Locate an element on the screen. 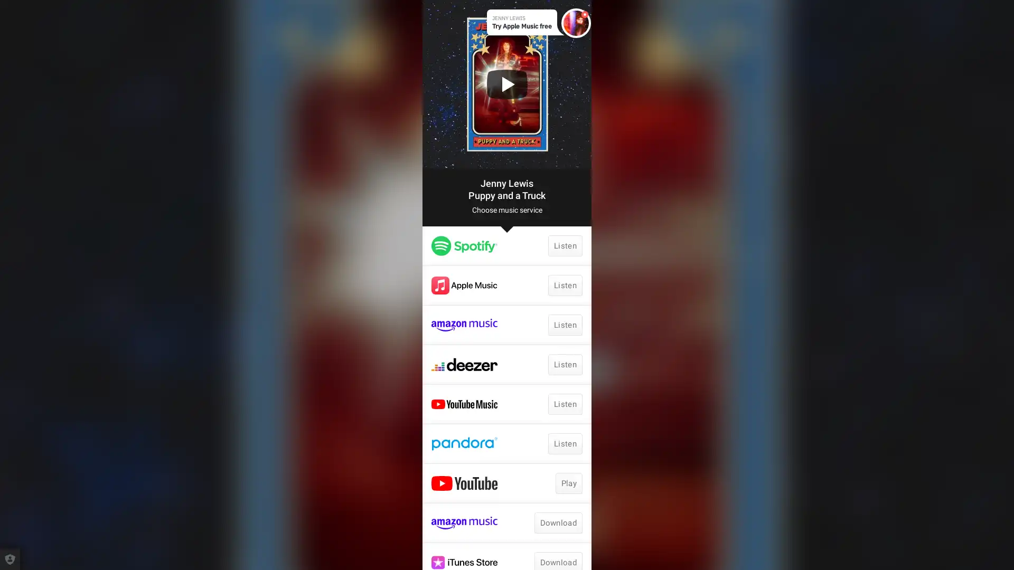  Play is located at coordinates (568, 483).